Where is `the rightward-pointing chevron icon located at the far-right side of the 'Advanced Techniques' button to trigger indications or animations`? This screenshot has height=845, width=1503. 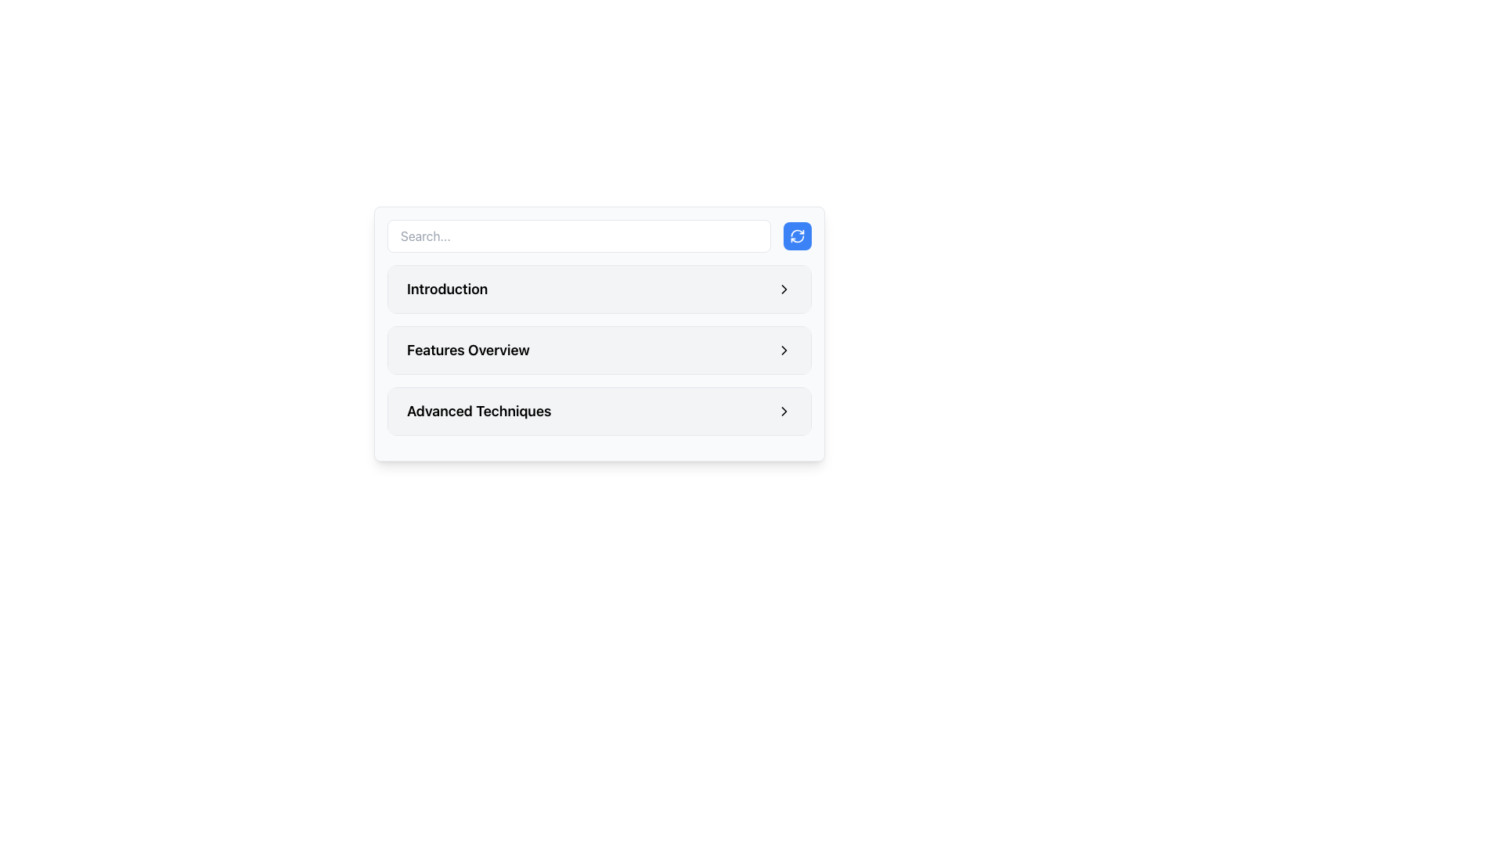
the rightward-pointing chevron icon located at the far-right side of the 'Advanced Techniques' button to trigger indications or animations is located at coordinates (784, 410).